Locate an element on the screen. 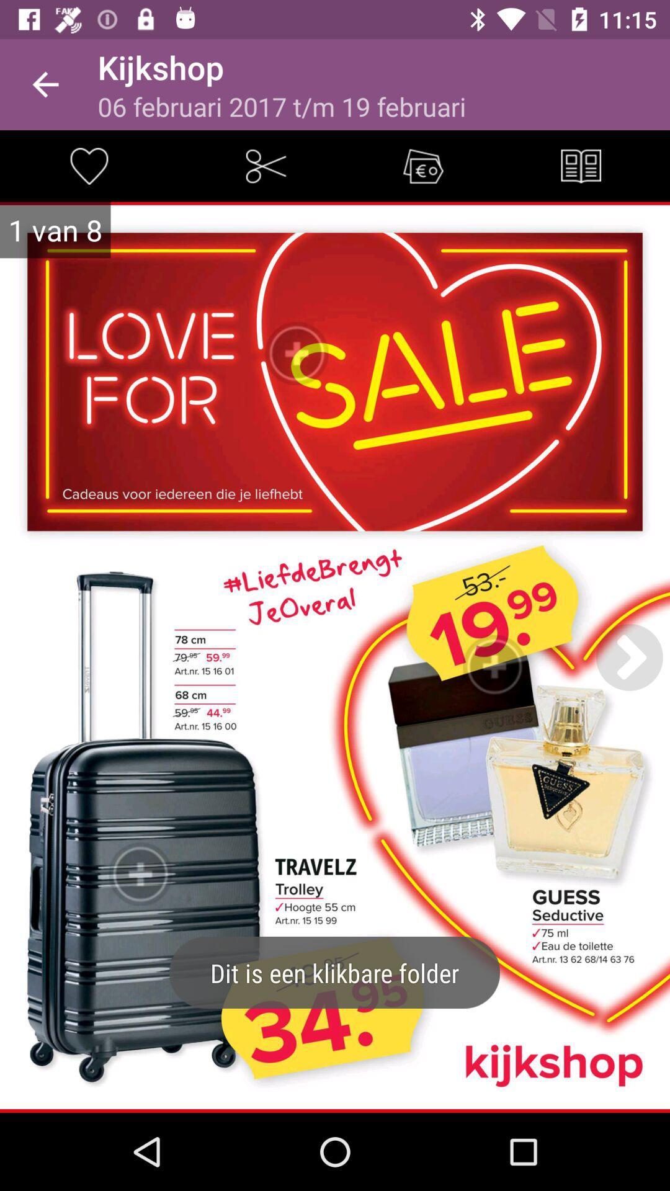 The image size is (670, 1191). next page is located at coordinates (629, 656).